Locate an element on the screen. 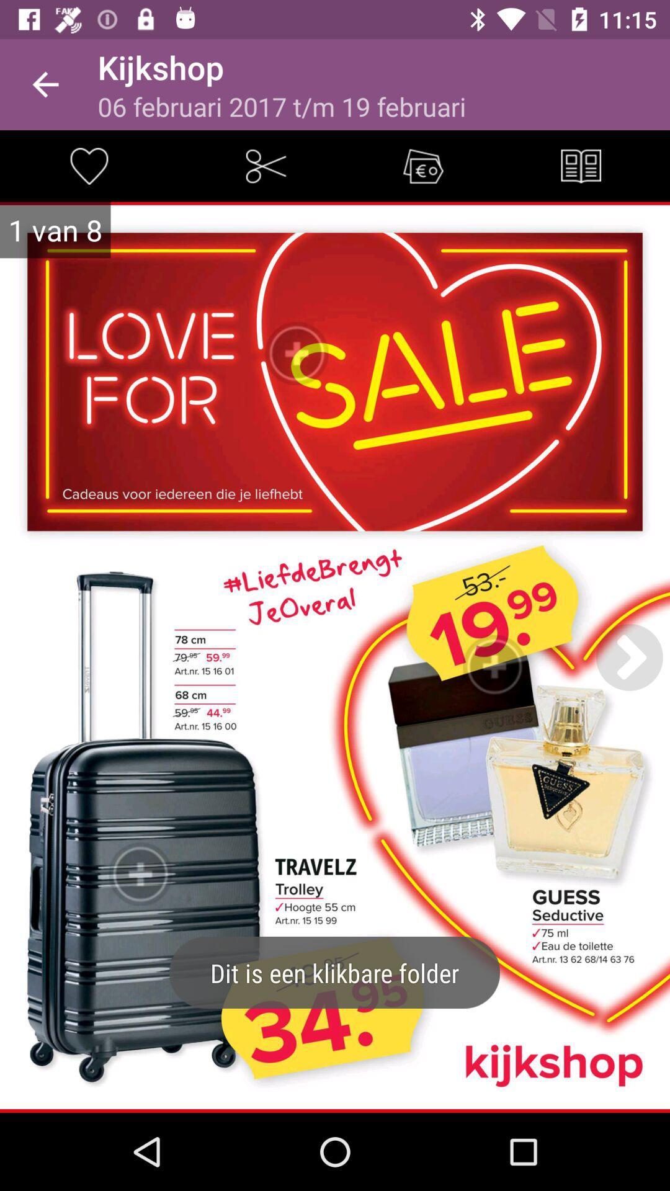 The image size is (670, 1191). next page is located at coordinates (629, 656).